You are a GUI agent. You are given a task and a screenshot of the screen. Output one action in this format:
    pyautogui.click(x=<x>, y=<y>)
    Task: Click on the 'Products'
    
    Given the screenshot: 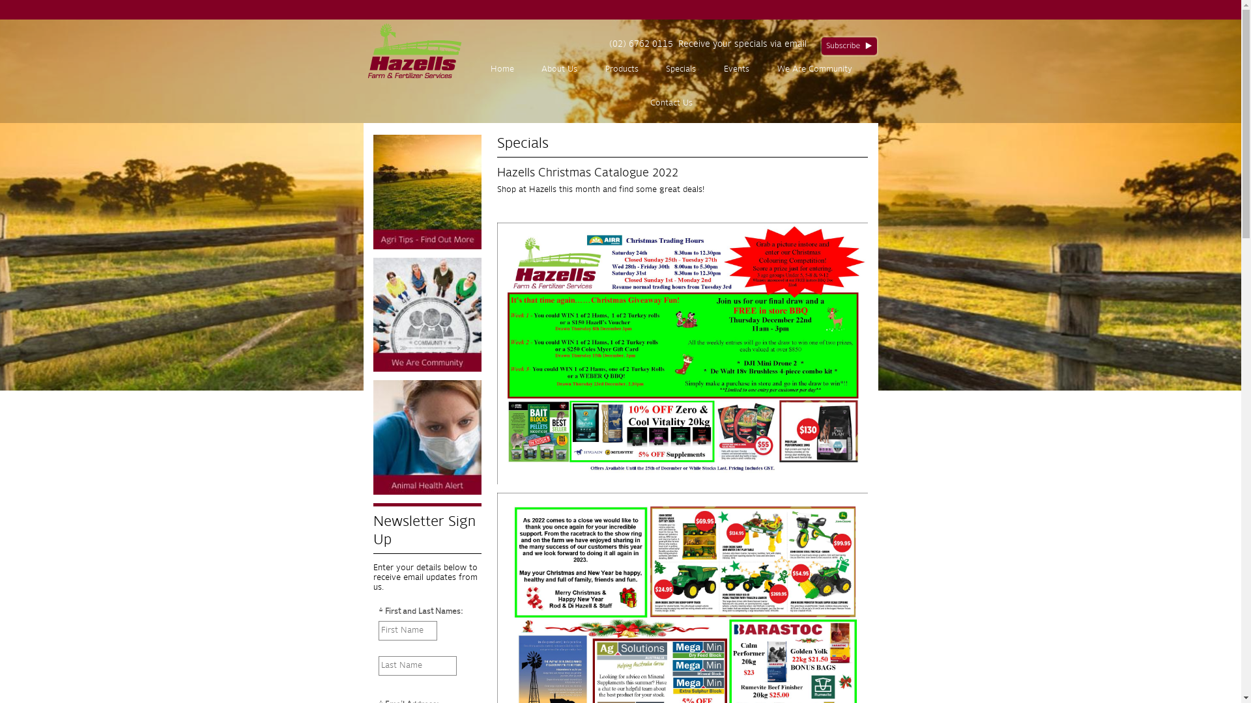 What is the action you would take?
    pyautogui.click(x=590, y=70)
    